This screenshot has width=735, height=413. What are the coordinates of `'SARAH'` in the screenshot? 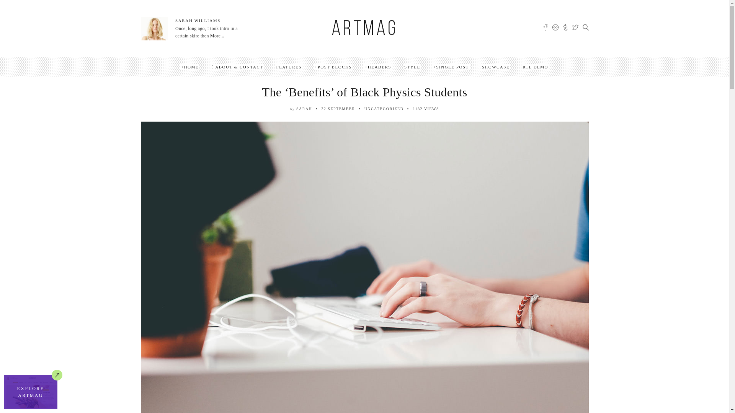 It's located at (304, 109).